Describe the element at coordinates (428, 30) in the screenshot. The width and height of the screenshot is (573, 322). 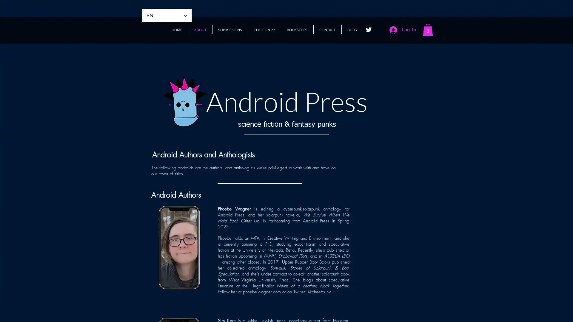
I see `Cart with 0 items` at that location.